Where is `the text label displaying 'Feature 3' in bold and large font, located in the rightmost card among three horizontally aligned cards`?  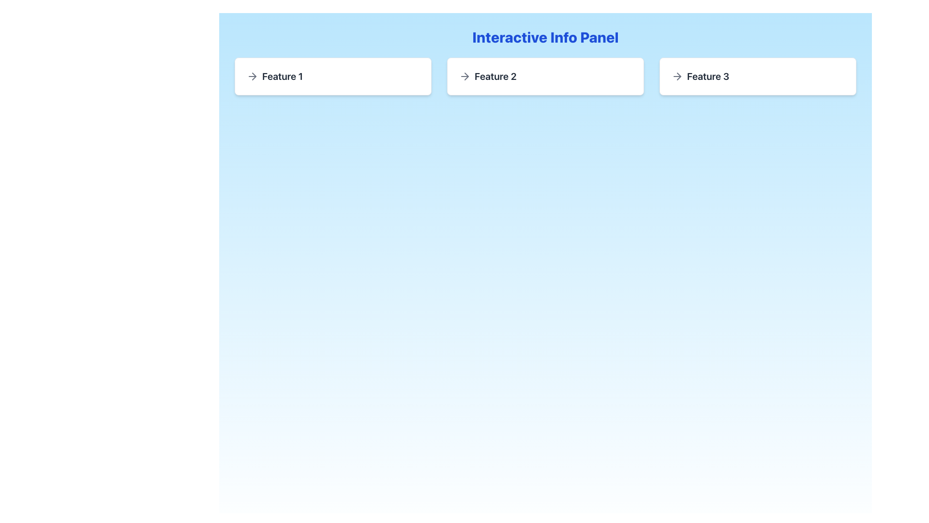 the text label displaying 'Feature 3' in bold and large font, located in the rightmost card among three horizontally aligned cards is located at coordinates (708, 76).